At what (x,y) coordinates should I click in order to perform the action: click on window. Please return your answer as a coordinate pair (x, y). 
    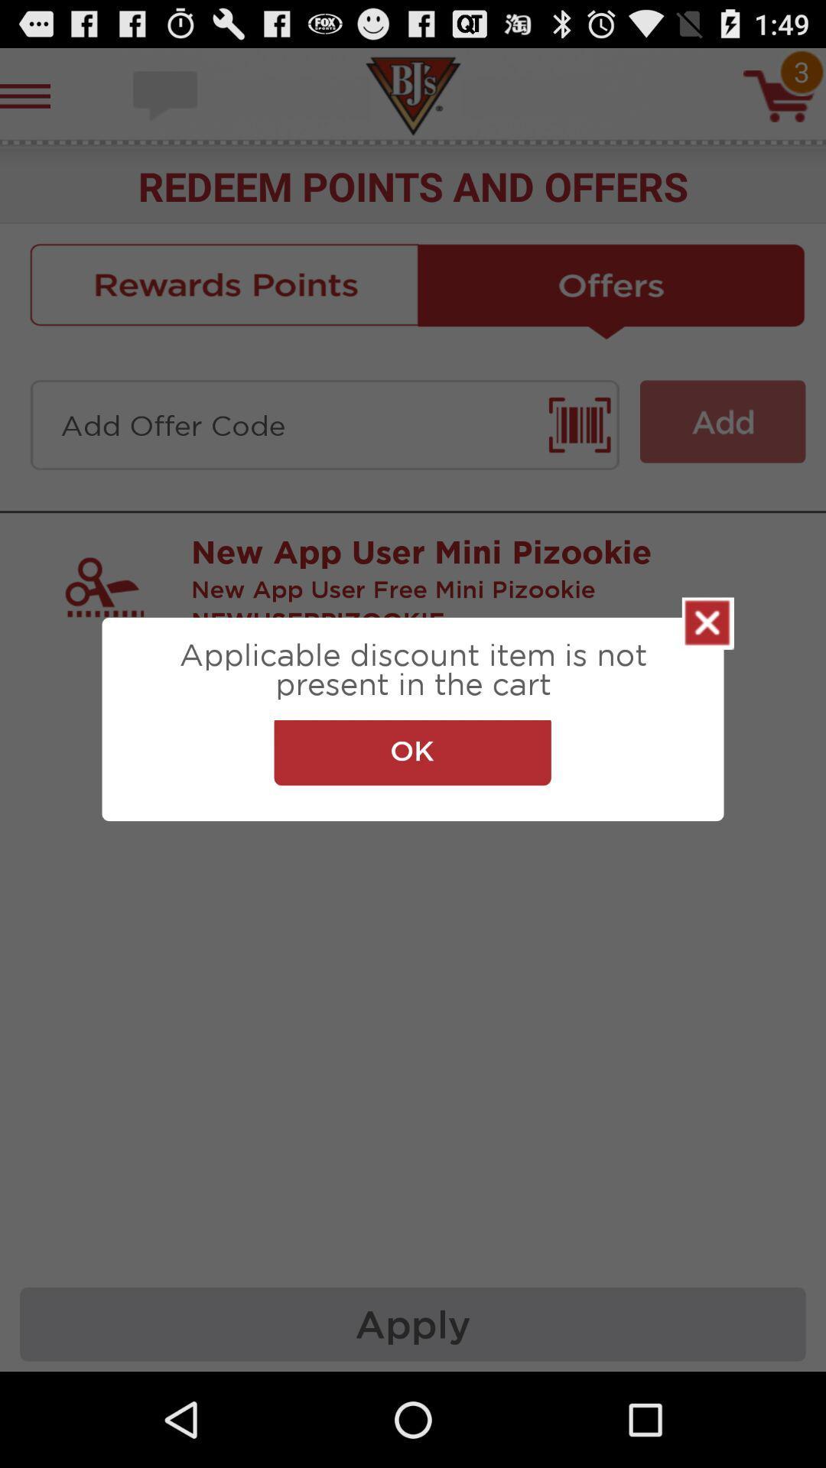
    Looking at the image, I should click on (707, 623).